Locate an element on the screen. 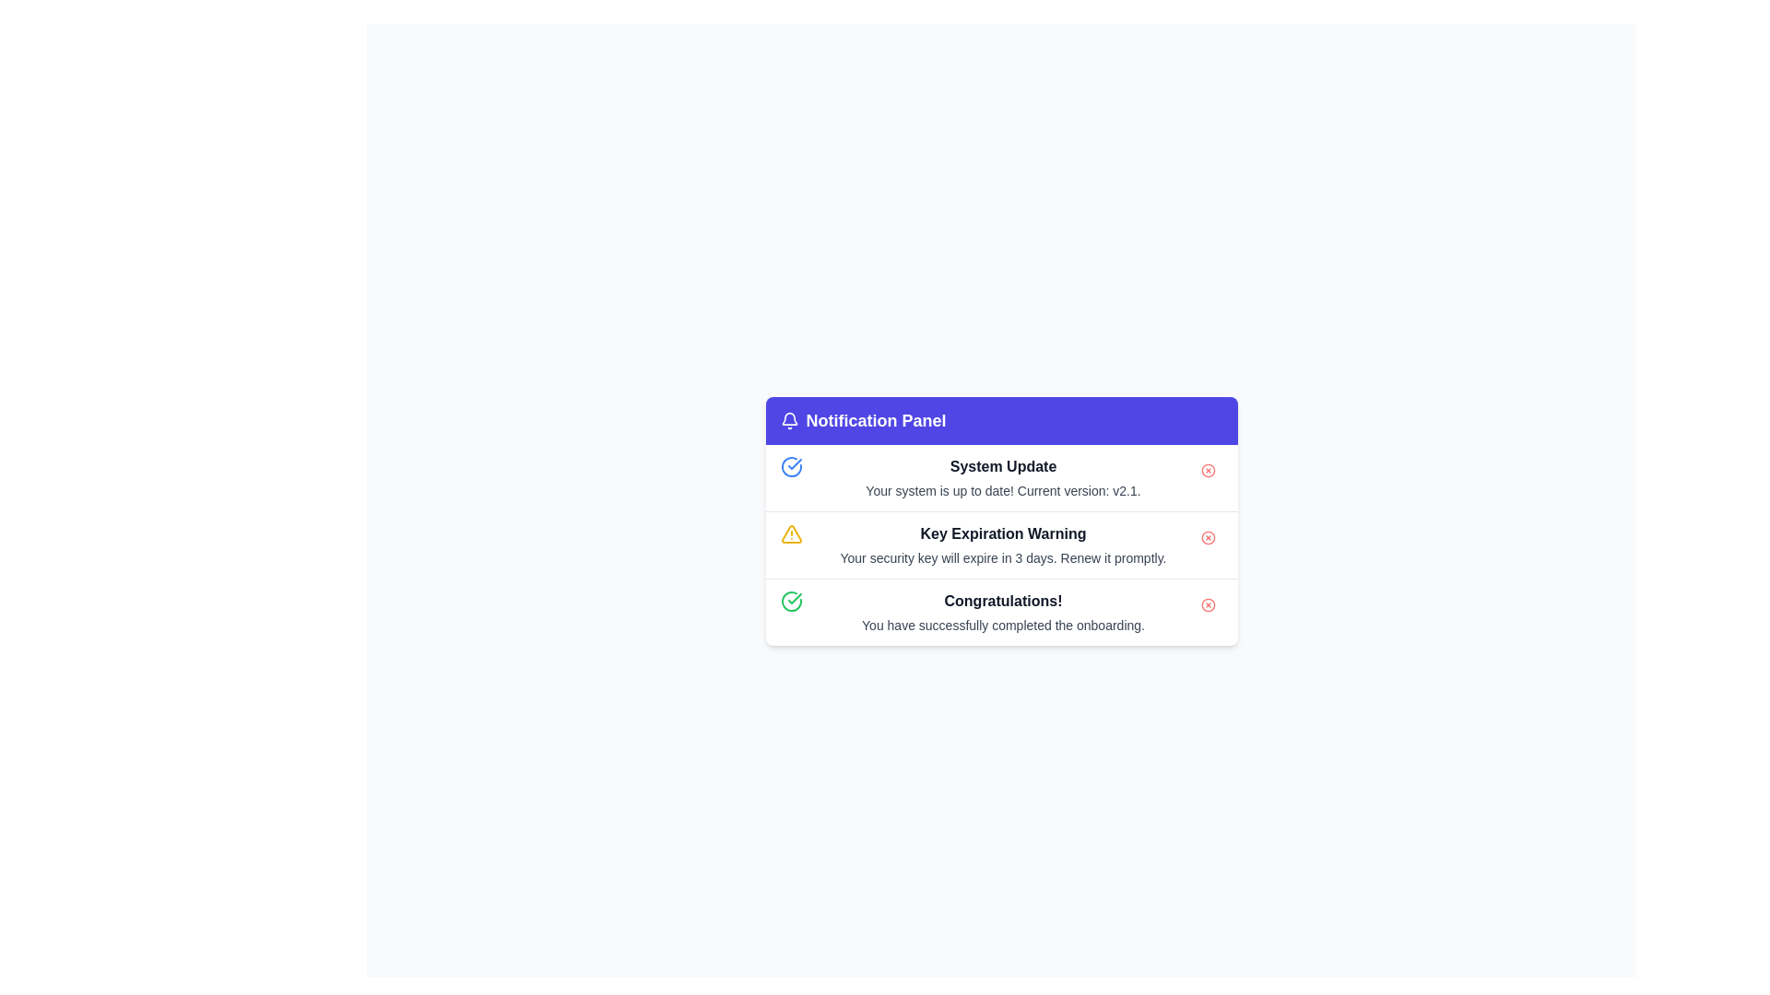  the SVG Circle element, which is a solid circle forming part of an icon in the notification panel, located to the right of the 'System Update' text is located at coordinates (1208, 469).